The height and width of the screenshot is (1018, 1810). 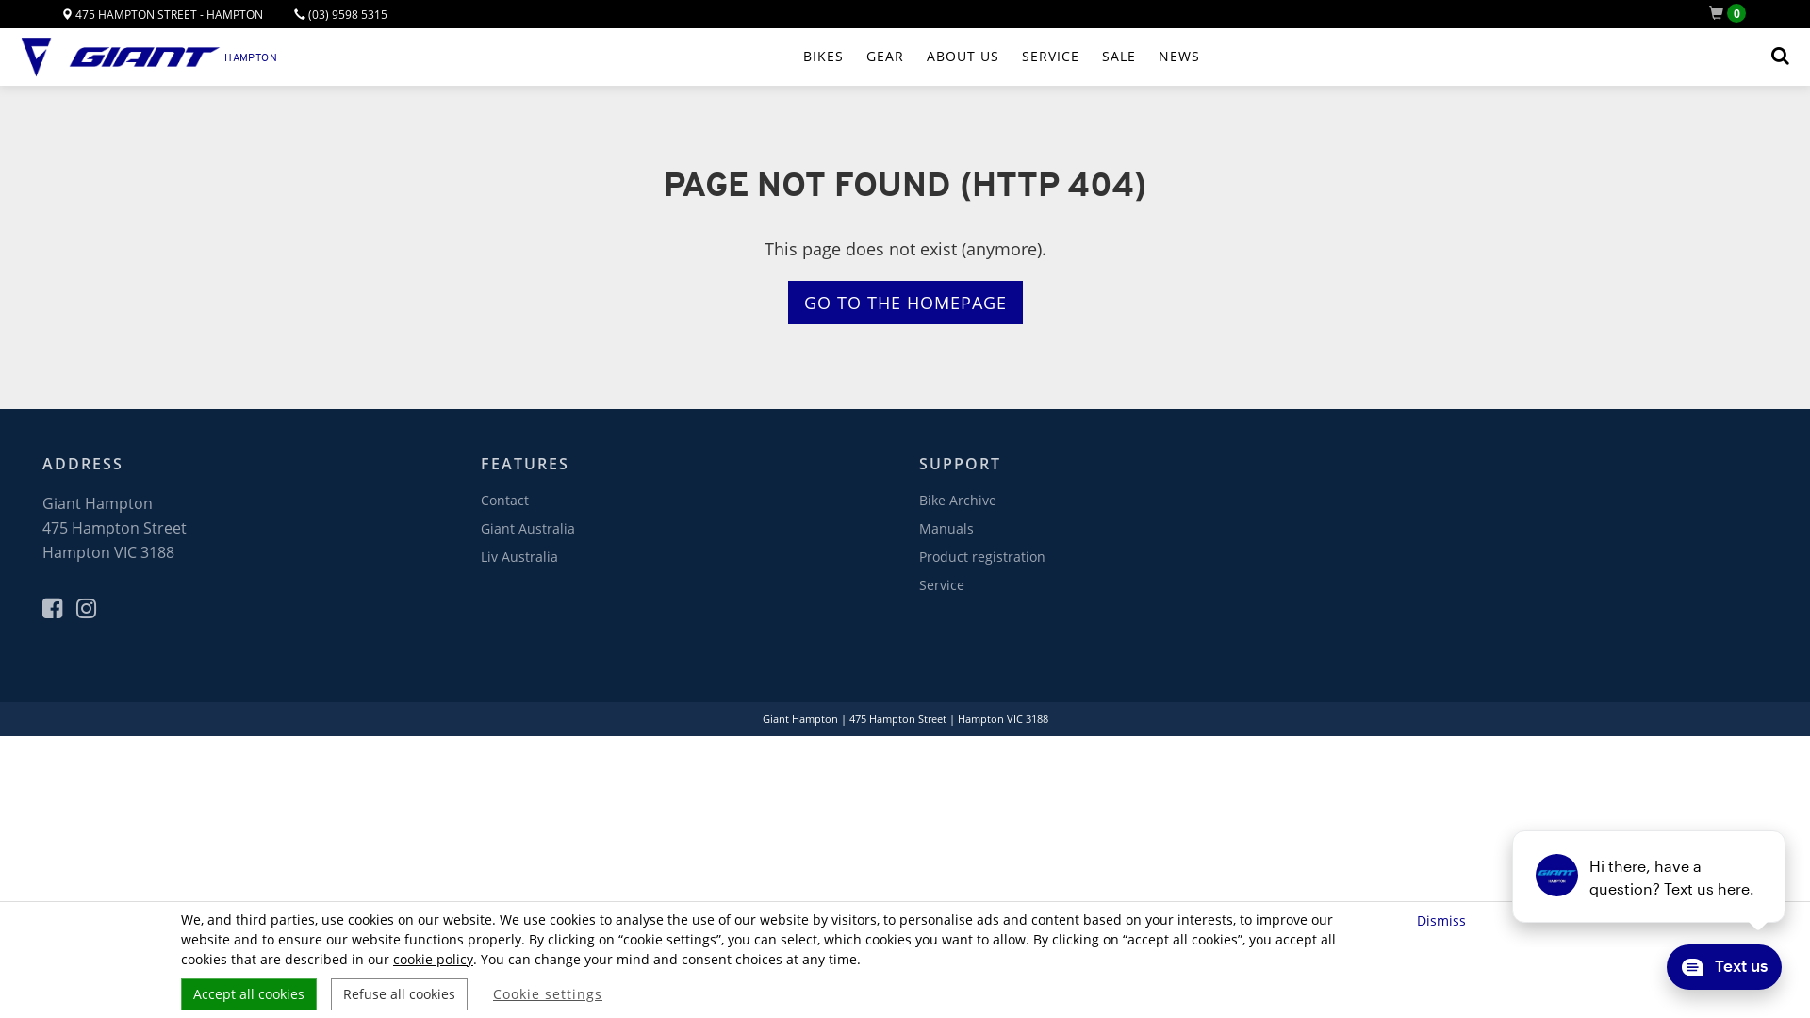 What do you see at coordinates (918, 499) in the screenshot?
I see `'Bike Archive'` at bounding box center [918, 499].